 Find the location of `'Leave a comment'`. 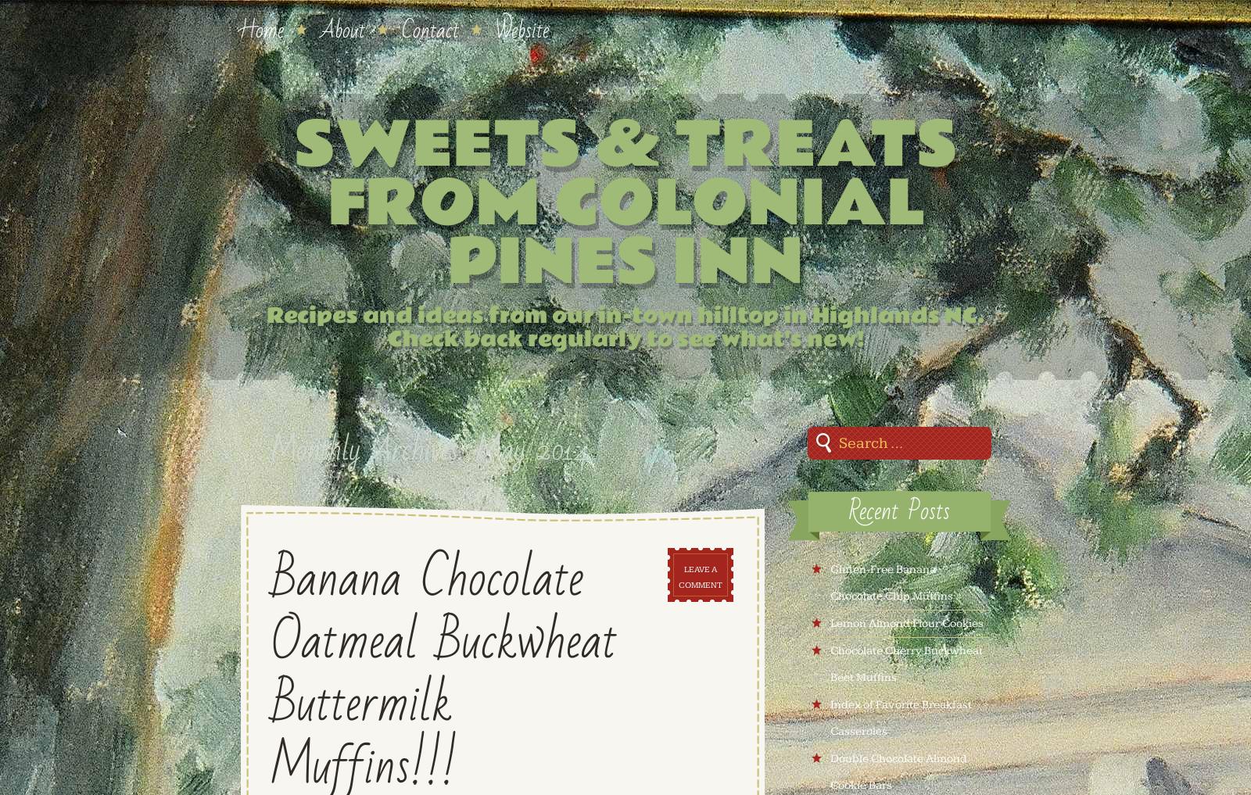

'Leave a comment' is located at coordinates (699, 577).